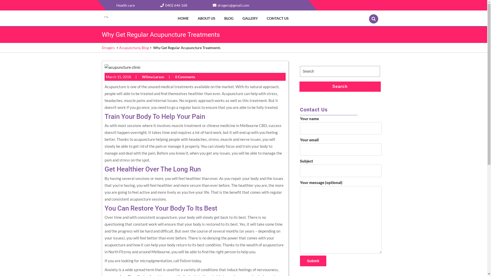  I want to click on 'ABOUT US', so click(207, 18).